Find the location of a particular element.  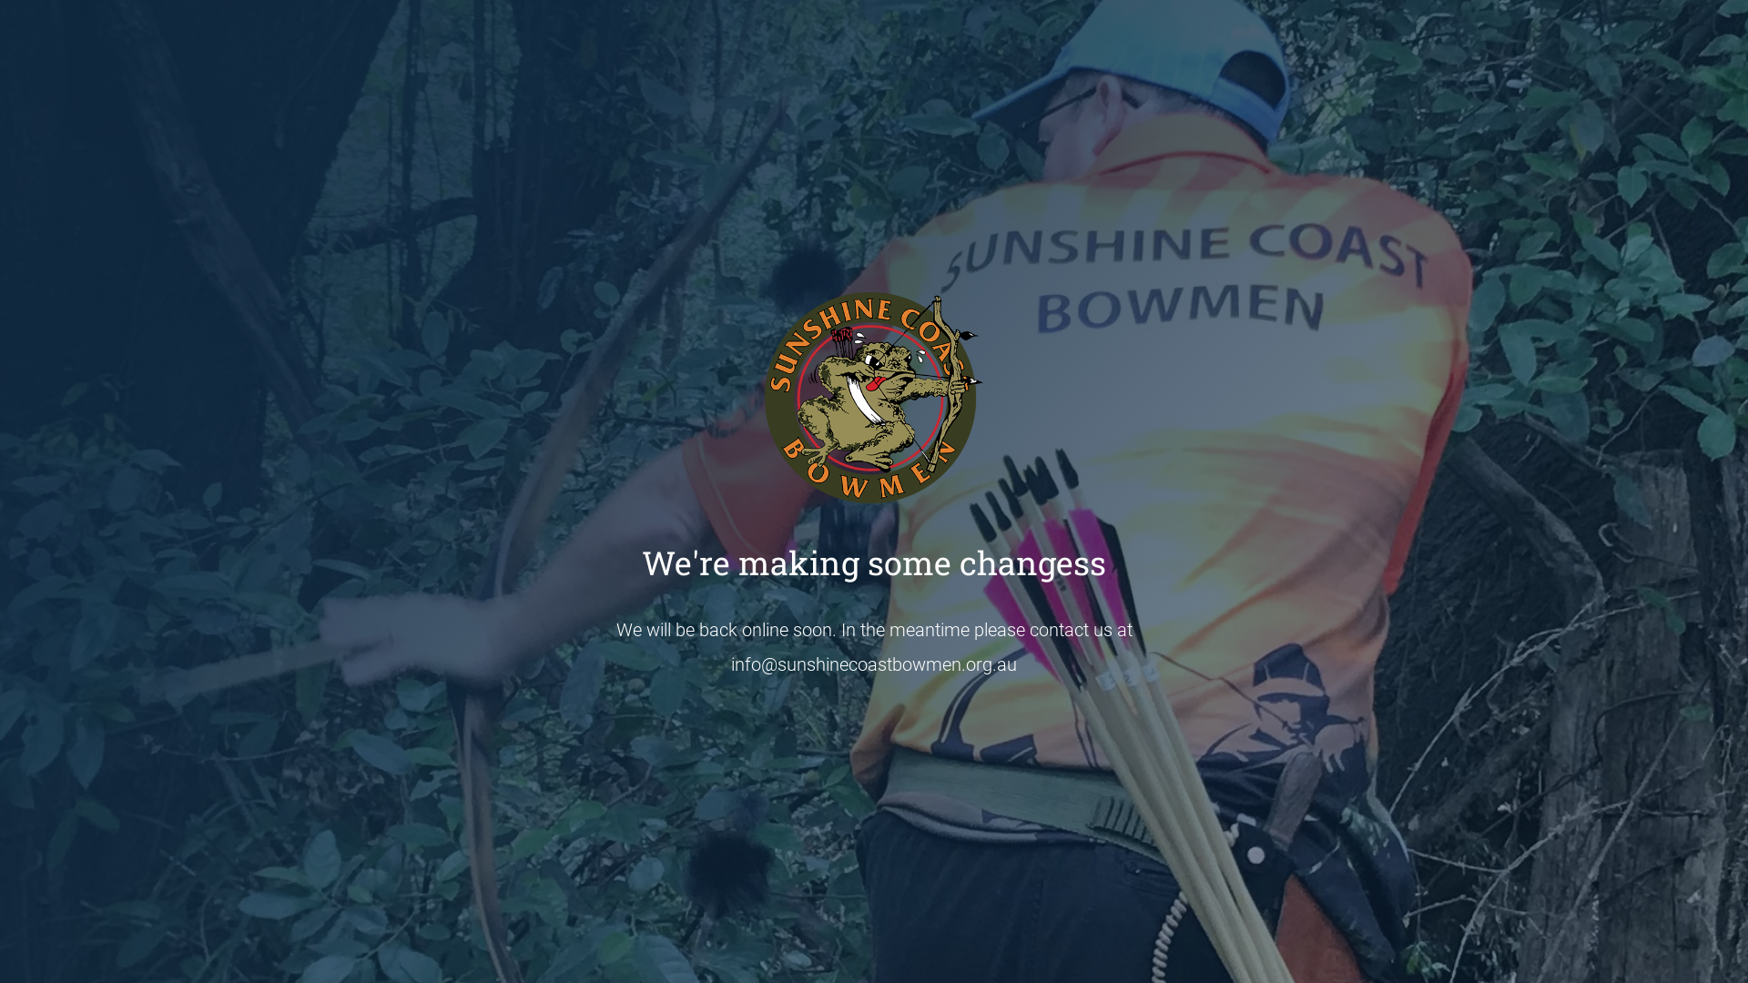

'SCB-Logo-400' is located at coordinates (765, 396).